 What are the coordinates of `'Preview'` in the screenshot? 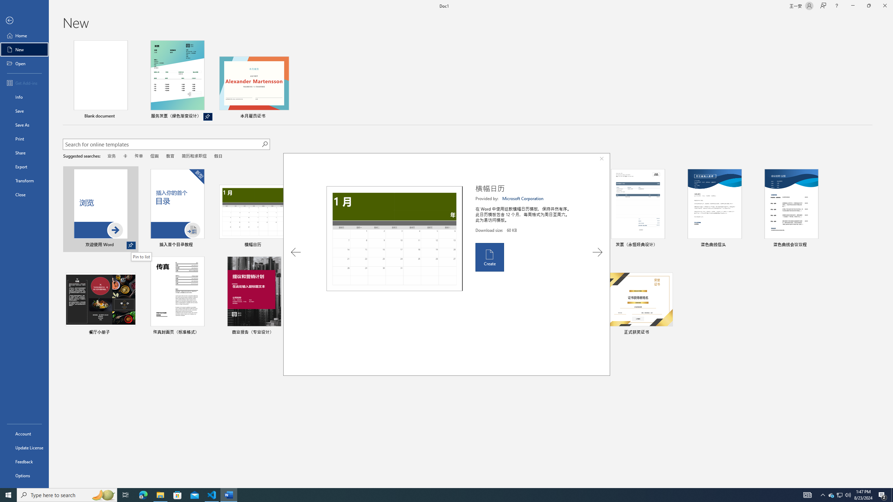 It's located at (394, 238).